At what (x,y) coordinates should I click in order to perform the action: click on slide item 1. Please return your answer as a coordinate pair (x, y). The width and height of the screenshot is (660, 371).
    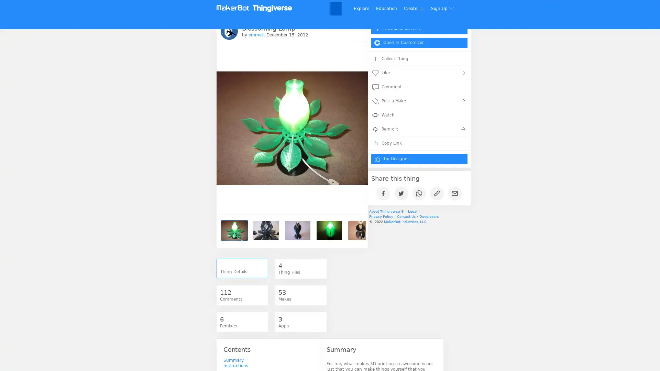
    Looking at the image, I should click on (234, 230).